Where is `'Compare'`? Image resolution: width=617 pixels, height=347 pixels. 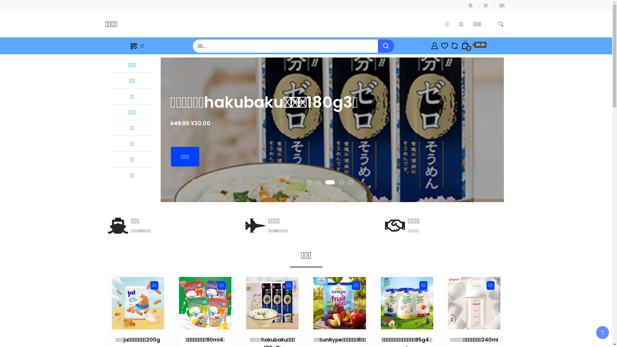 'Compare' is located at coordinates (454, 44).